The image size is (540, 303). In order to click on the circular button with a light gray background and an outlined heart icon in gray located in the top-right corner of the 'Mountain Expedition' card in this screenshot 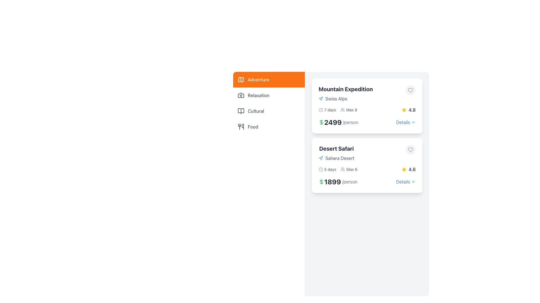, I will do `click(410, 90)`.